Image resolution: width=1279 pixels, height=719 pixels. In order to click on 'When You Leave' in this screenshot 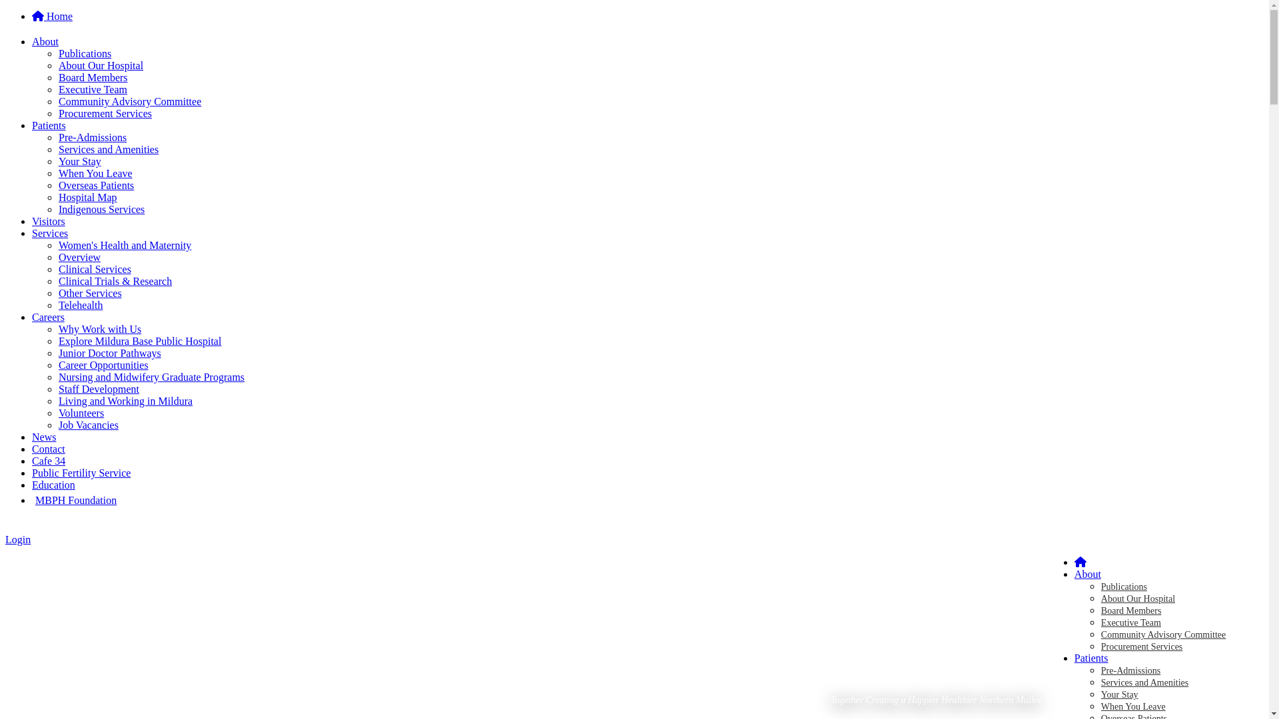, I will do `click(95, 172)`.